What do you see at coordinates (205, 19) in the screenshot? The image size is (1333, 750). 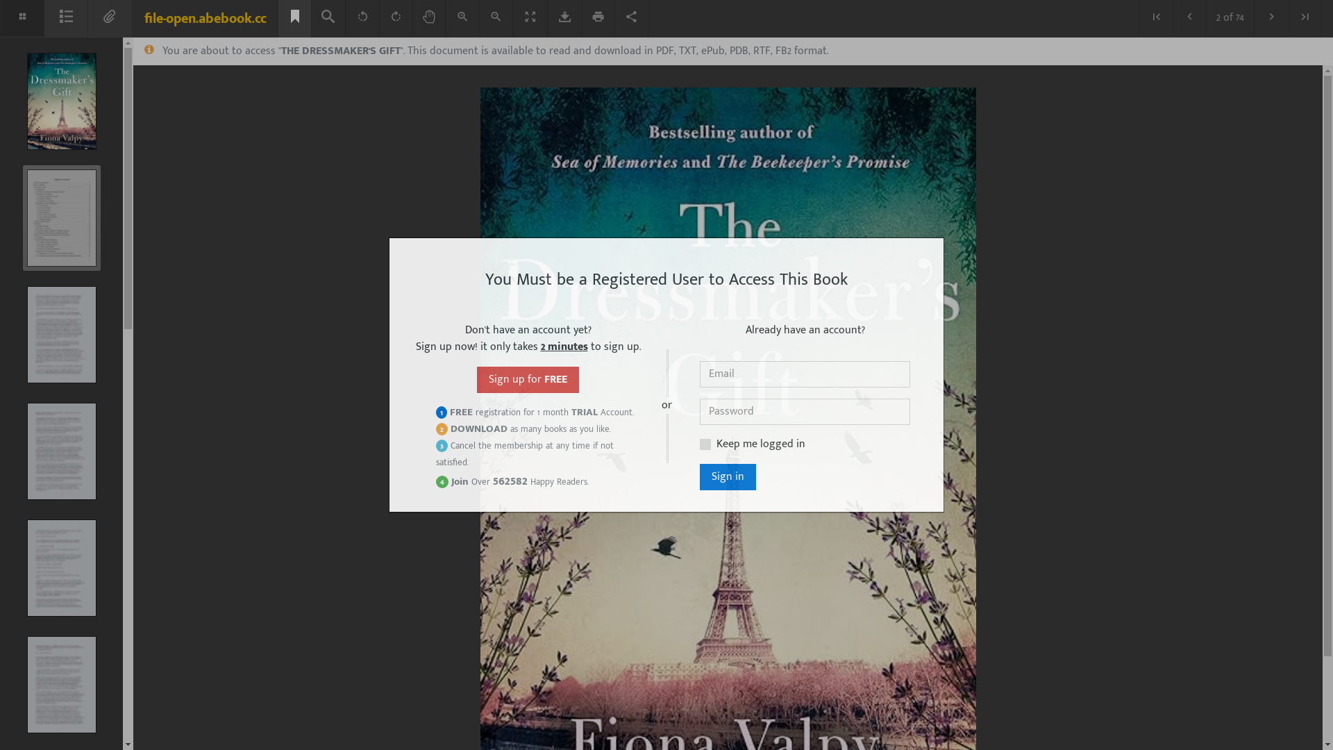 I see `'file-open.abebook.cc'` at bounding box center [205, 19].